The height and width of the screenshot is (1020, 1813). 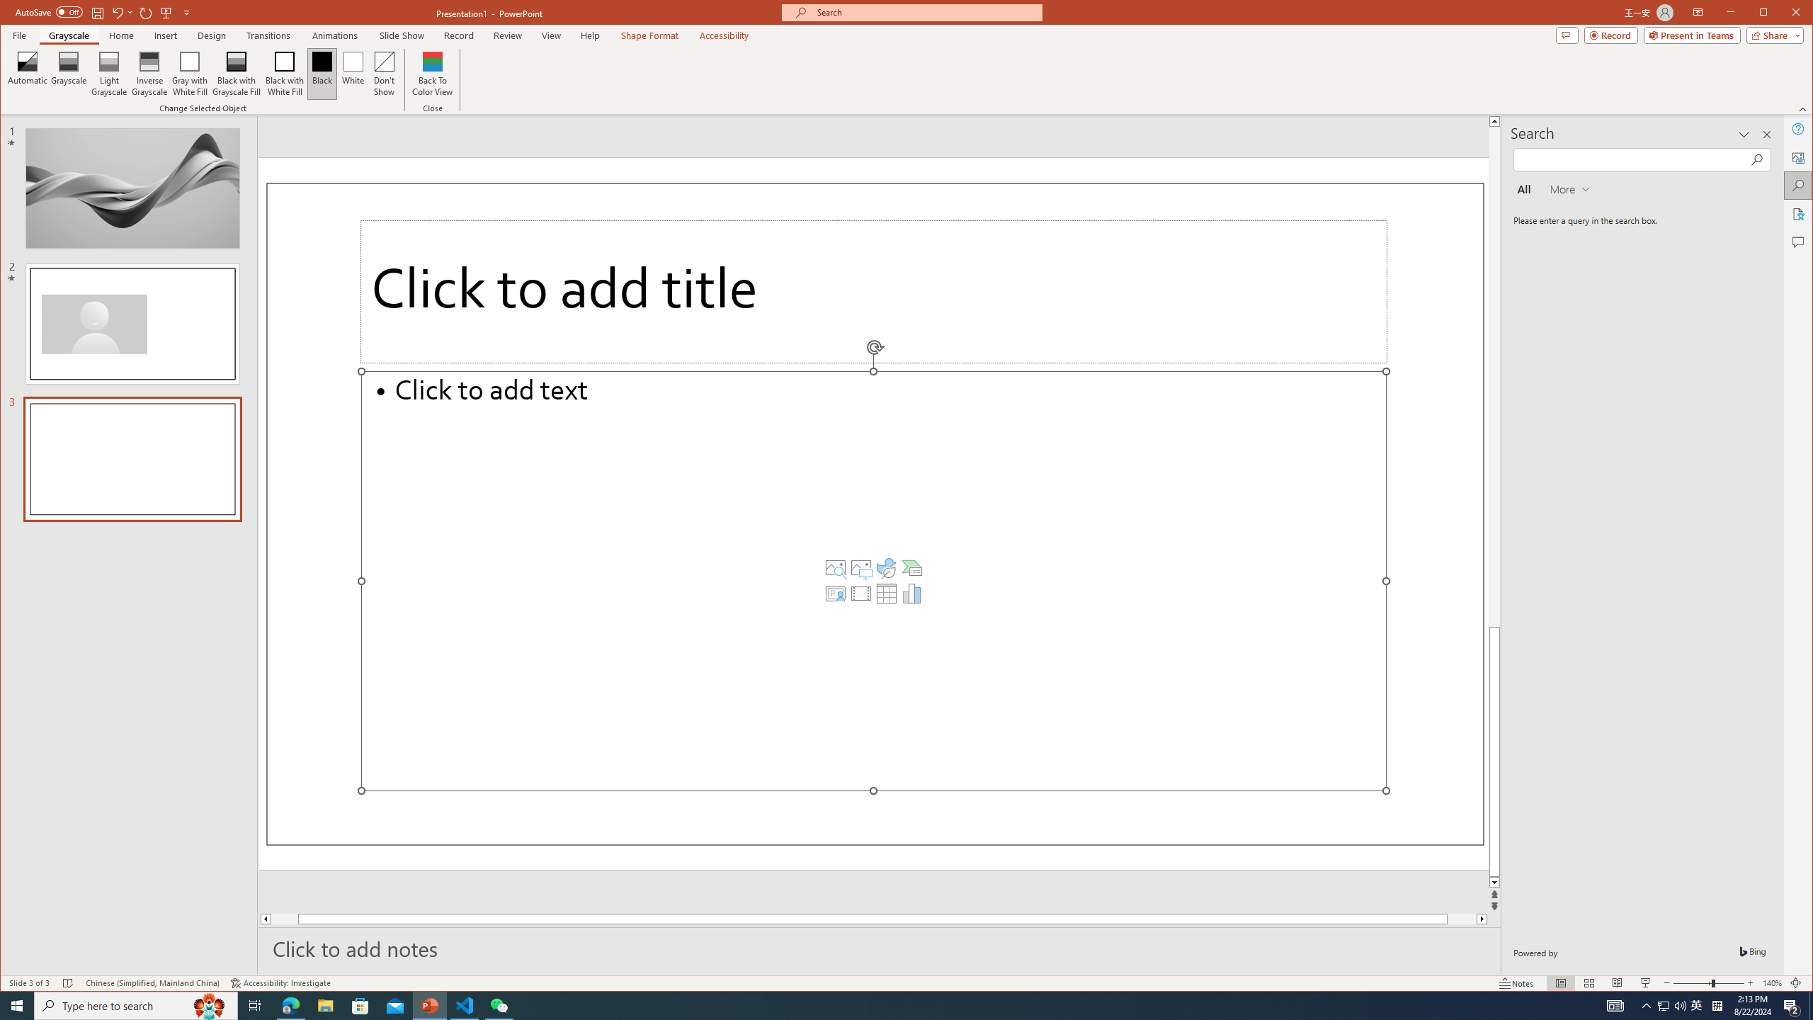 I want to click on 'Insert Table', so click(x=886, y=594).